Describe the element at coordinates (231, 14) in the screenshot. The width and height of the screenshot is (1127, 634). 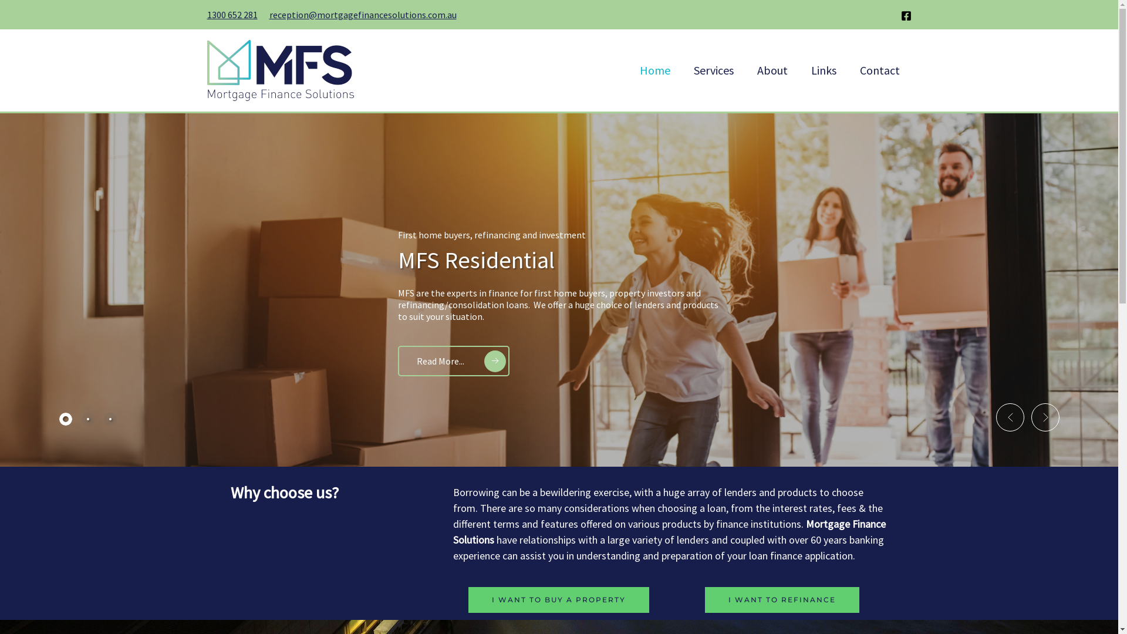
I see `'1300 652 281'` at that location.